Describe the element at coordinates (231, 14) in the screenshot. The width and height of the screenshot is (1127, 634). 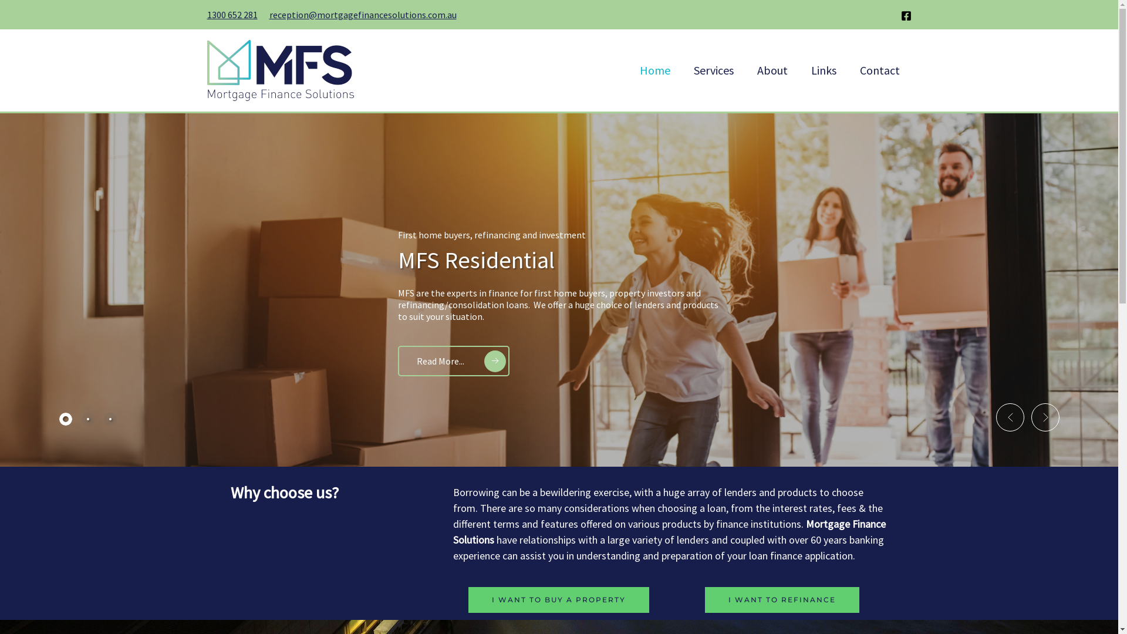
I see `'1300 652 281'` at that location.